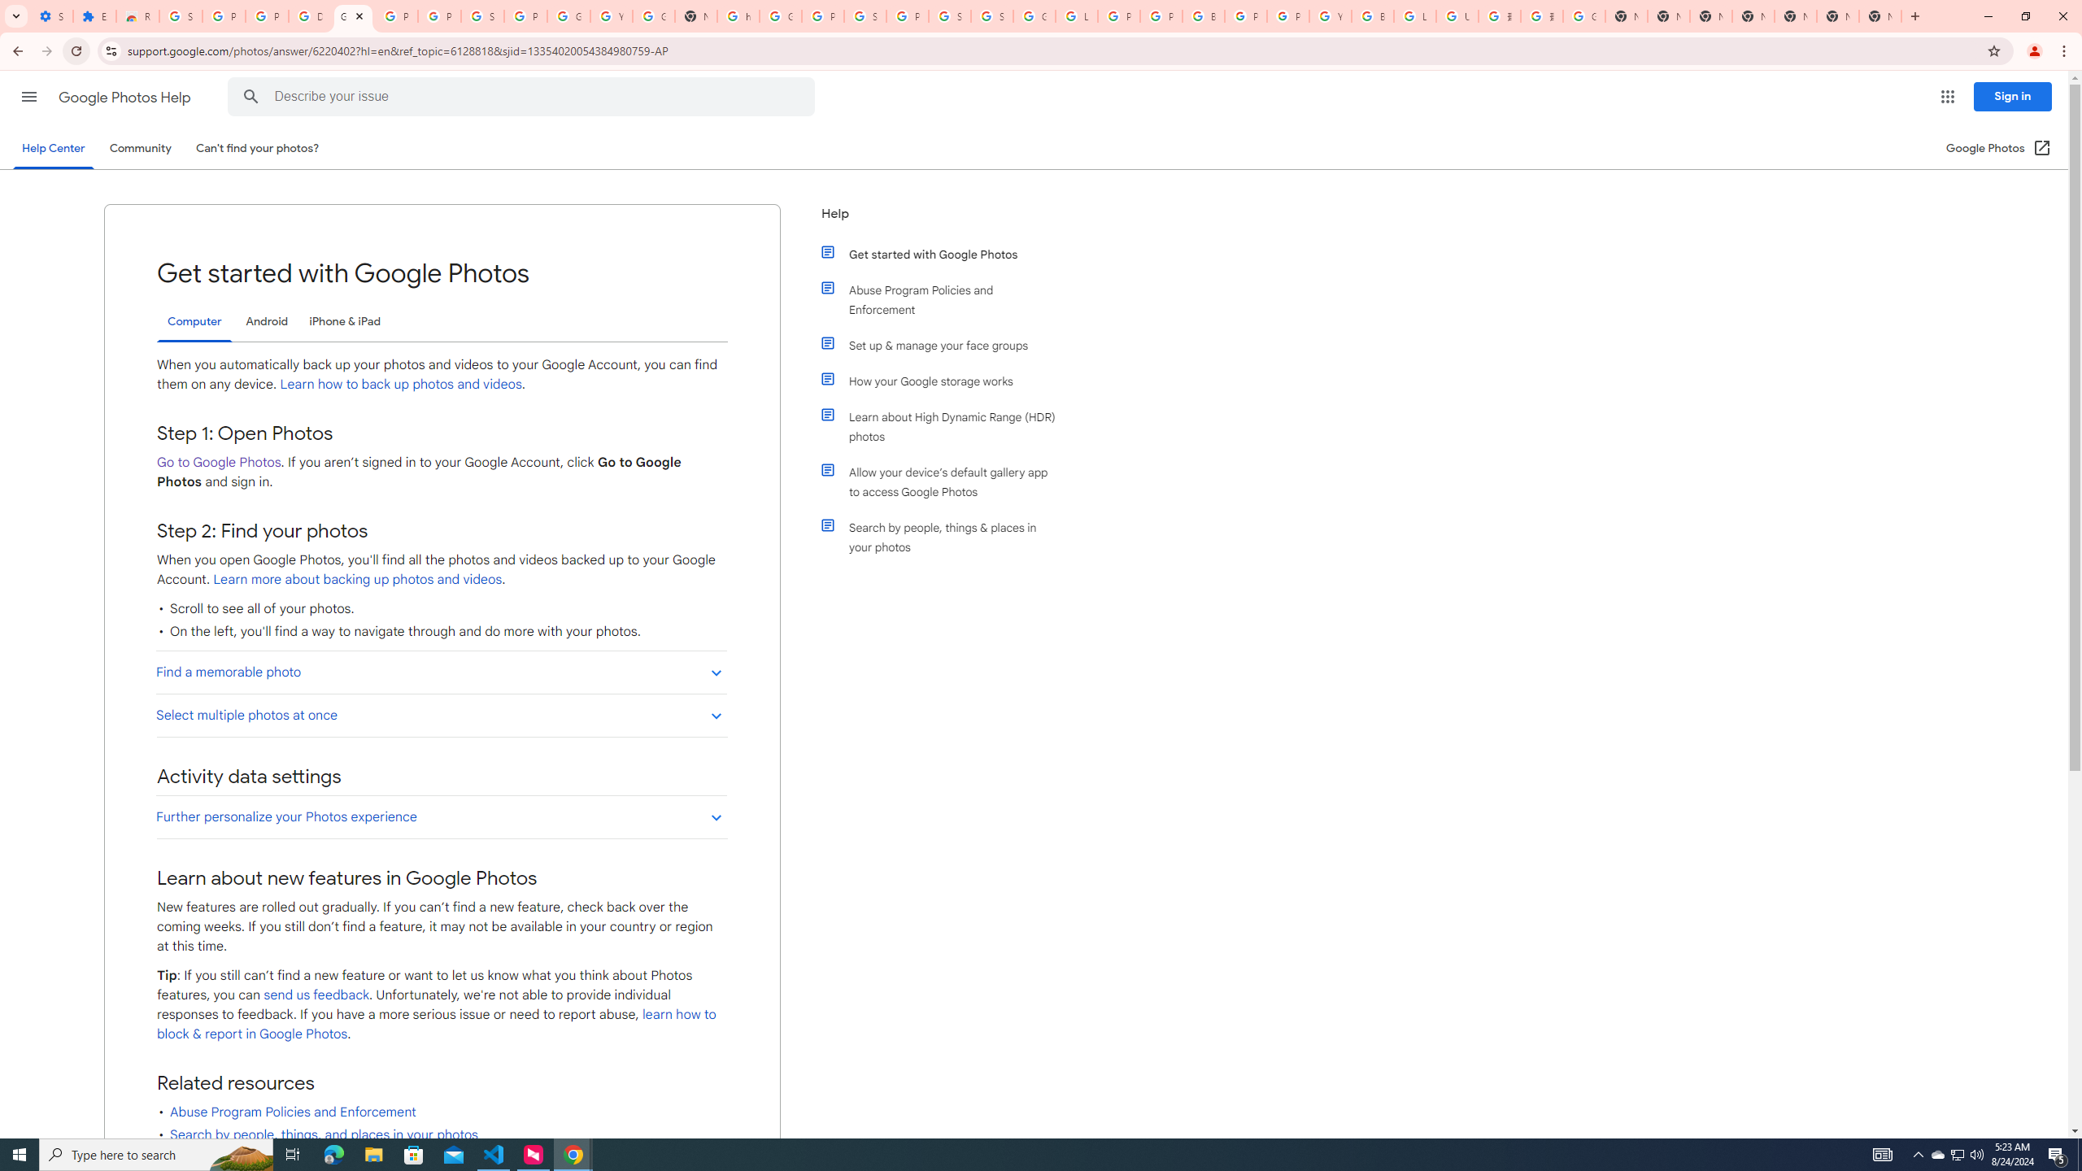 This screenshot has width=2082, height=1171. I want to click on 'iPhone & iPad', so click(344, 320).